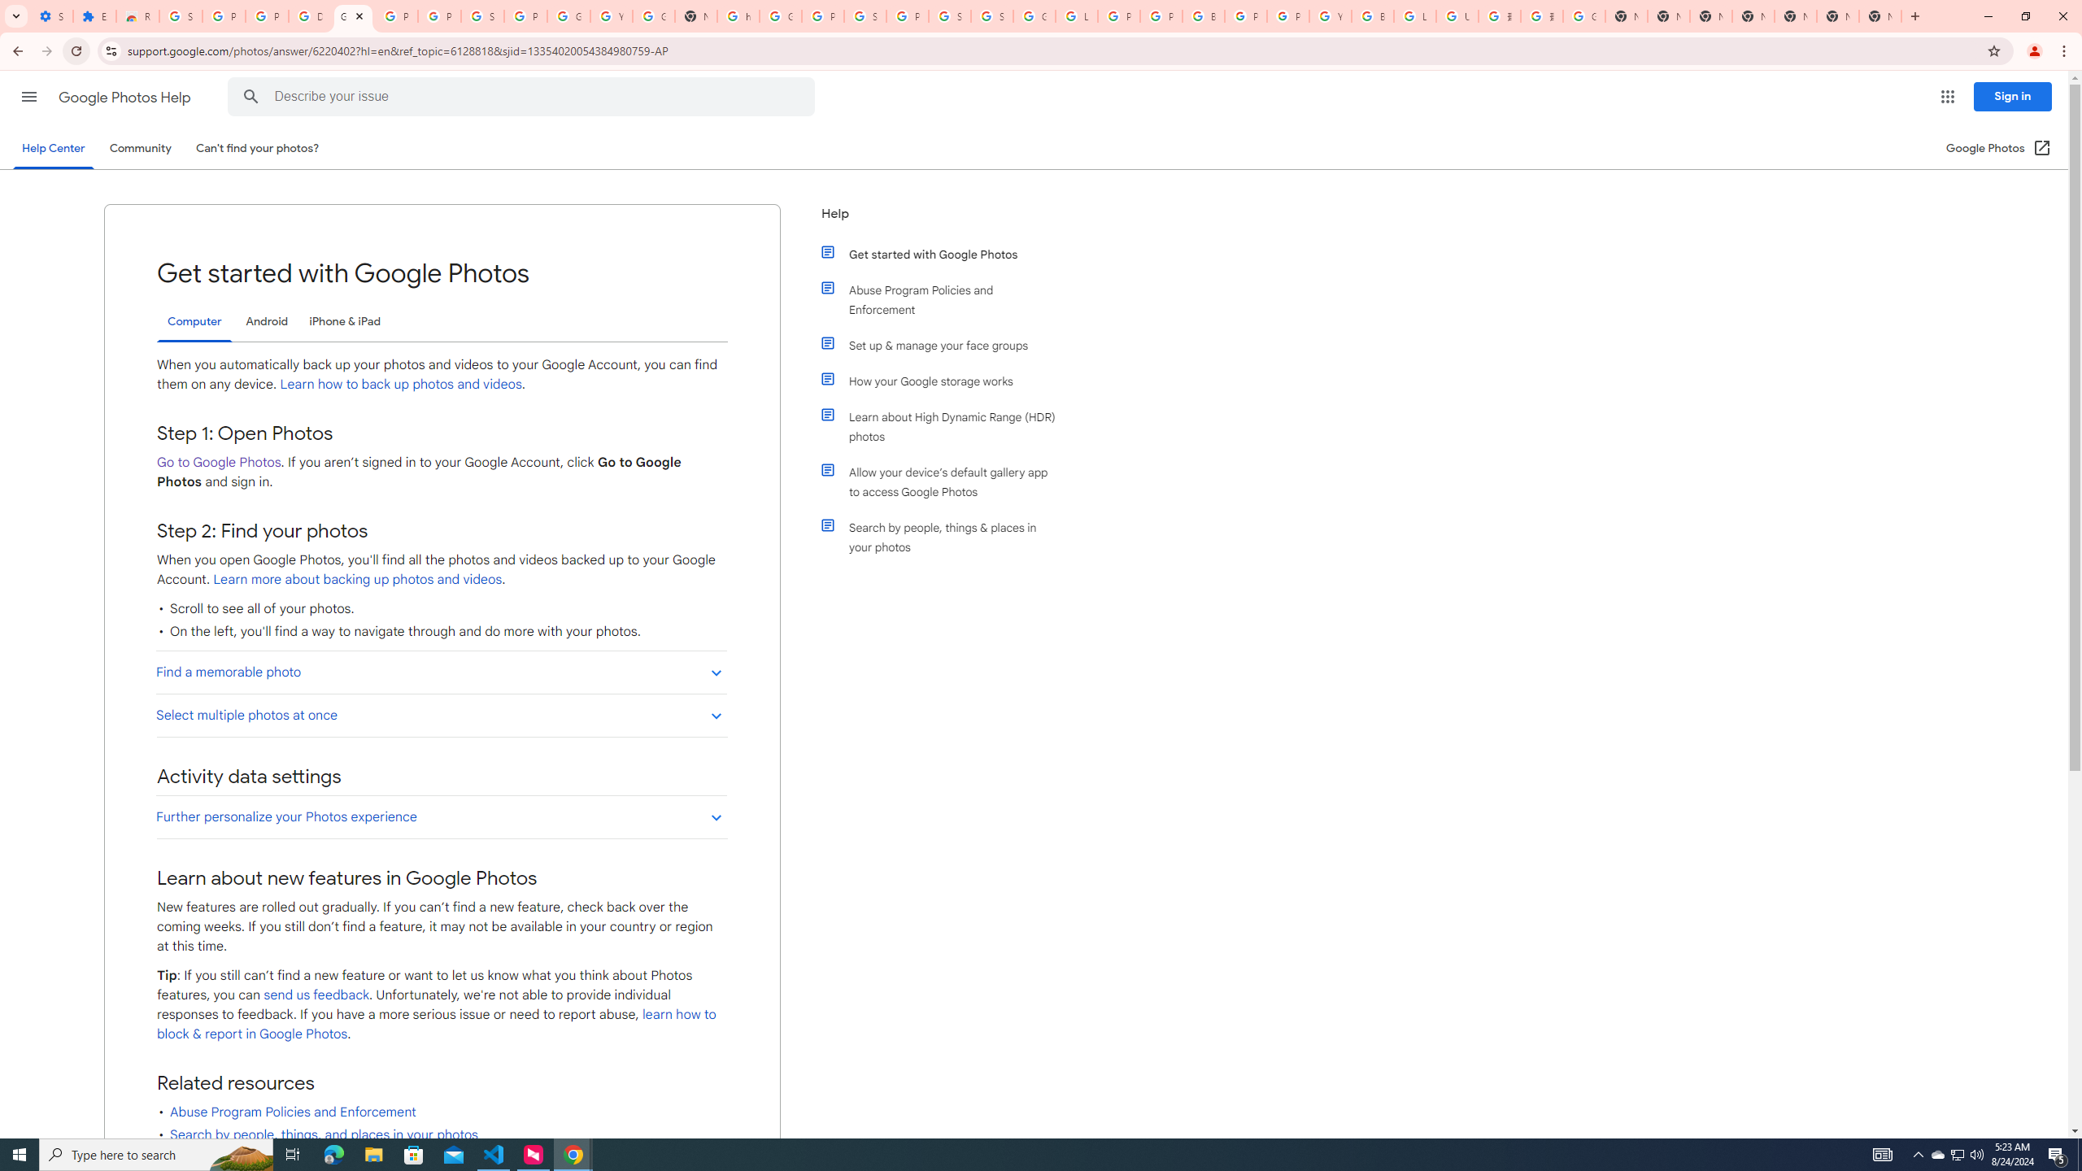 This screenshot has width=2082, height=1171. I want to click on 'iPhone & iPad', so click(344, 320).